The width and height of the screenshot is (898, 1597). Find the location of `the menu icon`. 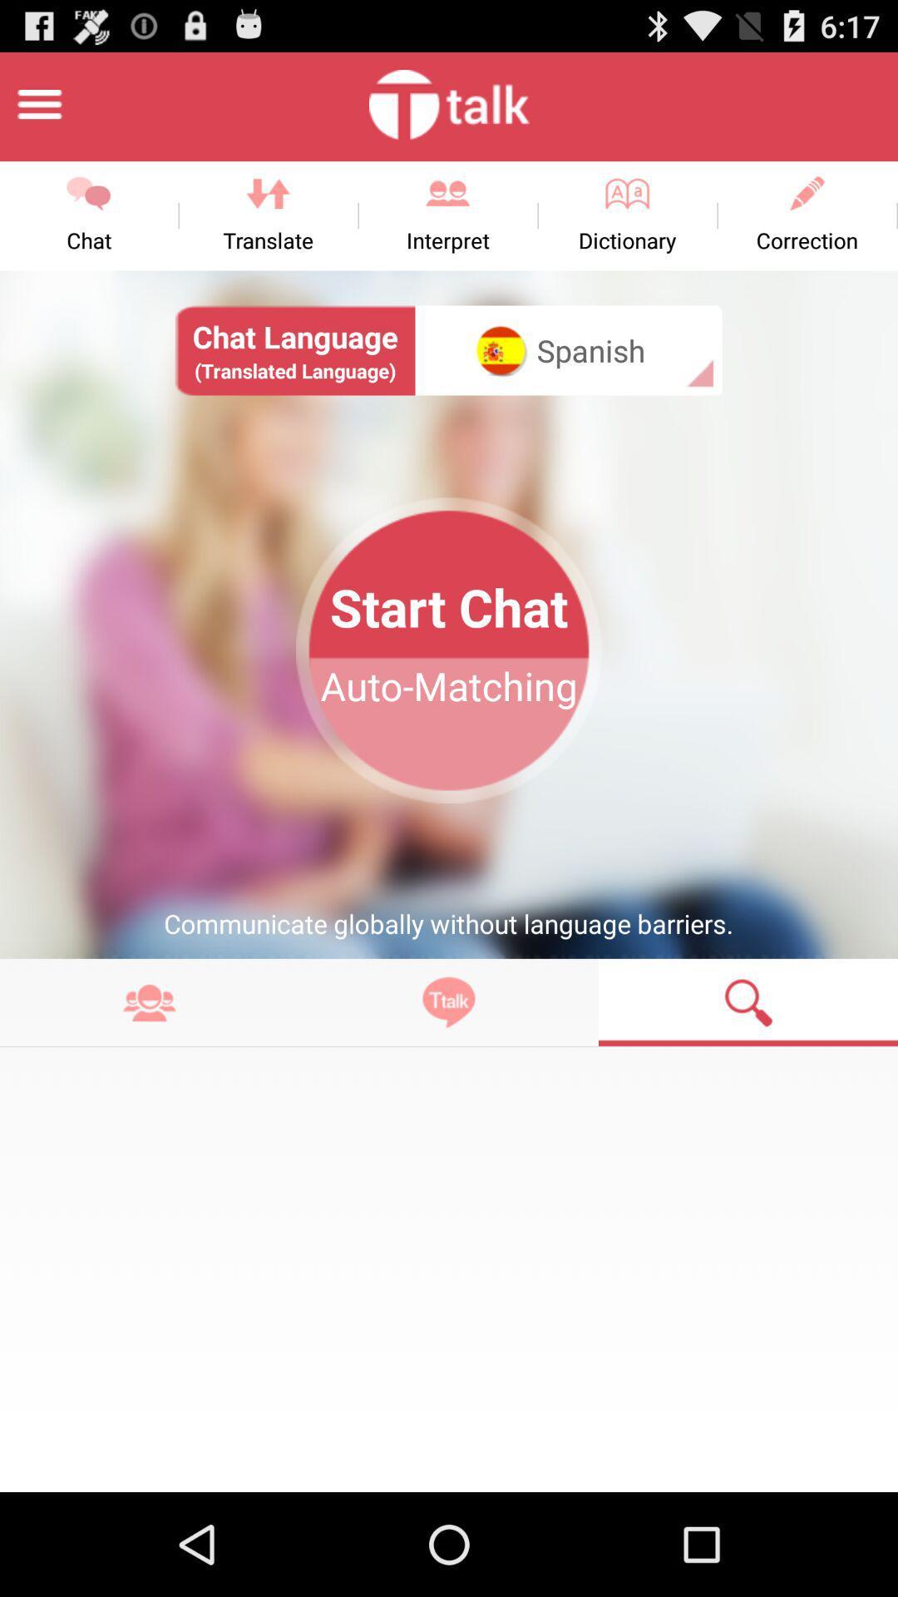

the menu icon is located at coordinates (38, 111).